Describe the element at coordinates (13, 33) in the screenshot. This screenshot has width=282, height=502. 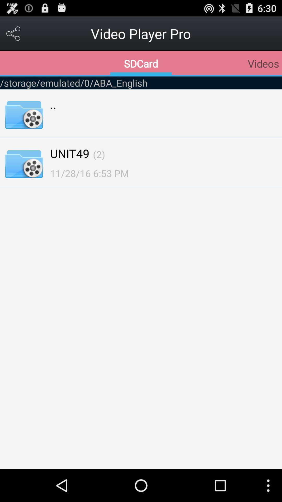
I see `app to the left of the video player pro app` at that location.